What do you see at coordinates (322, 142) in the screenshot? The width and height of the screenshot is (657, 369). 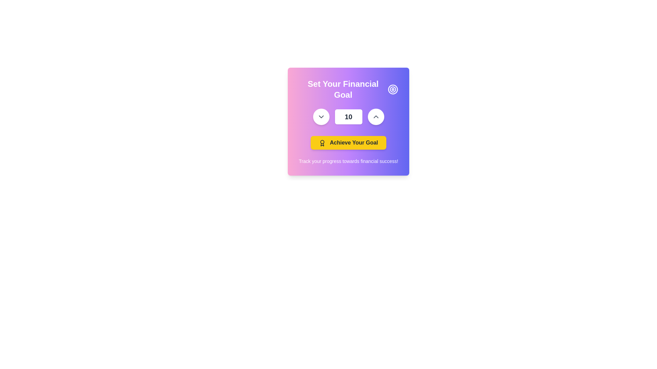 I see `the yellow button labeled 'Achieve Your Goal' which contains an award ribbon icon on its left side` at bounding box center [322, 142].